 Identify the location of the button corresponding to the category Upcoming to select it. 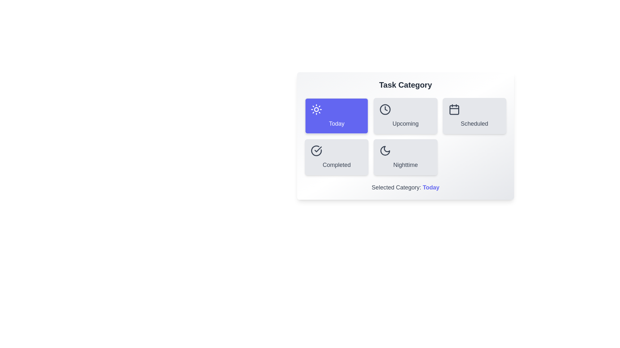
(405, 115).